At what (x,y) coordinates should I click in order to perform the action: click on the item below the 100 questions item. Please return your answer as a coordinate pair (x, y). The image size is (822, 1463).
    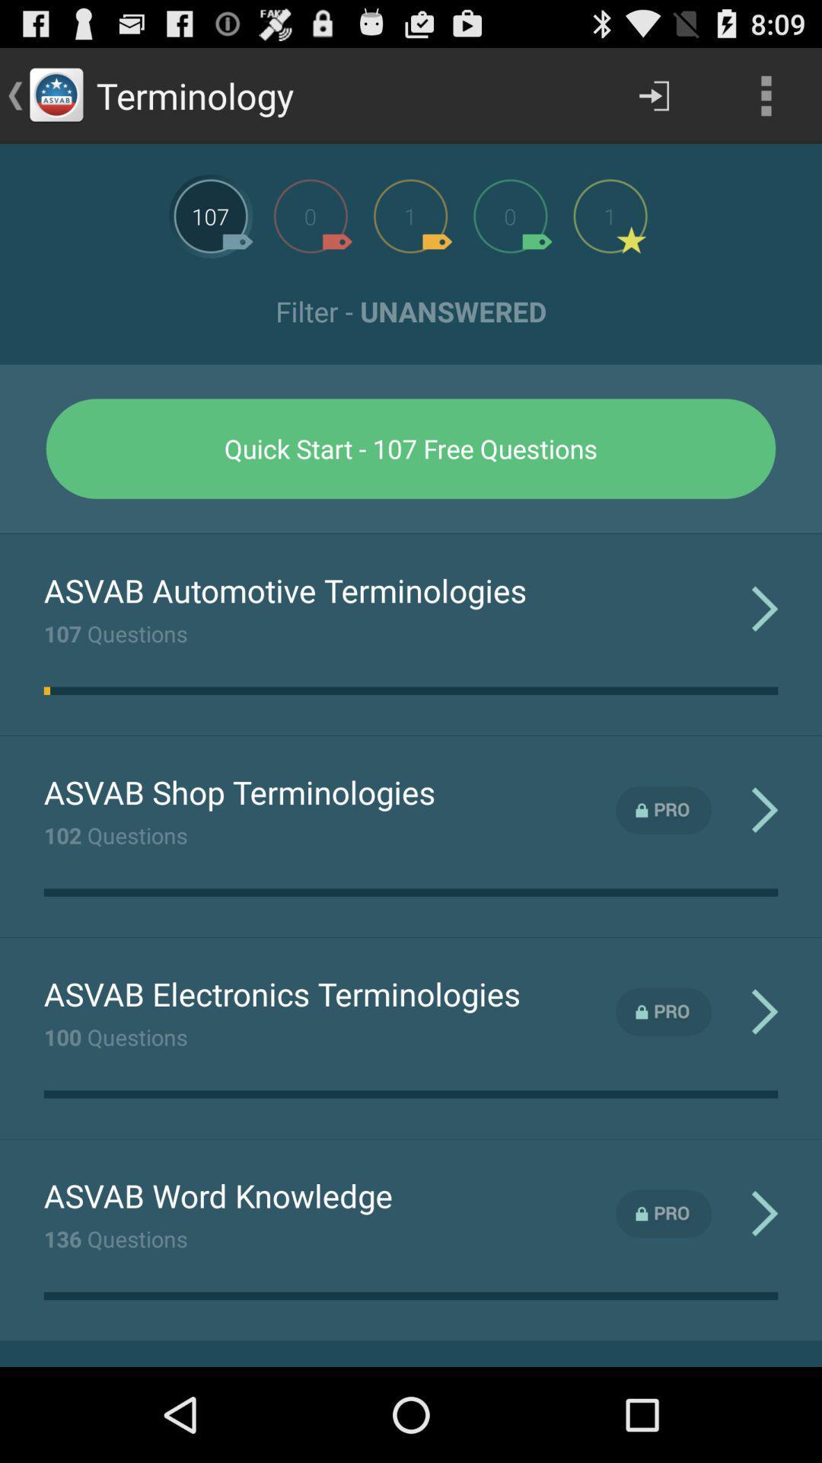
    Looking at the image, I should click on (218, 1195).